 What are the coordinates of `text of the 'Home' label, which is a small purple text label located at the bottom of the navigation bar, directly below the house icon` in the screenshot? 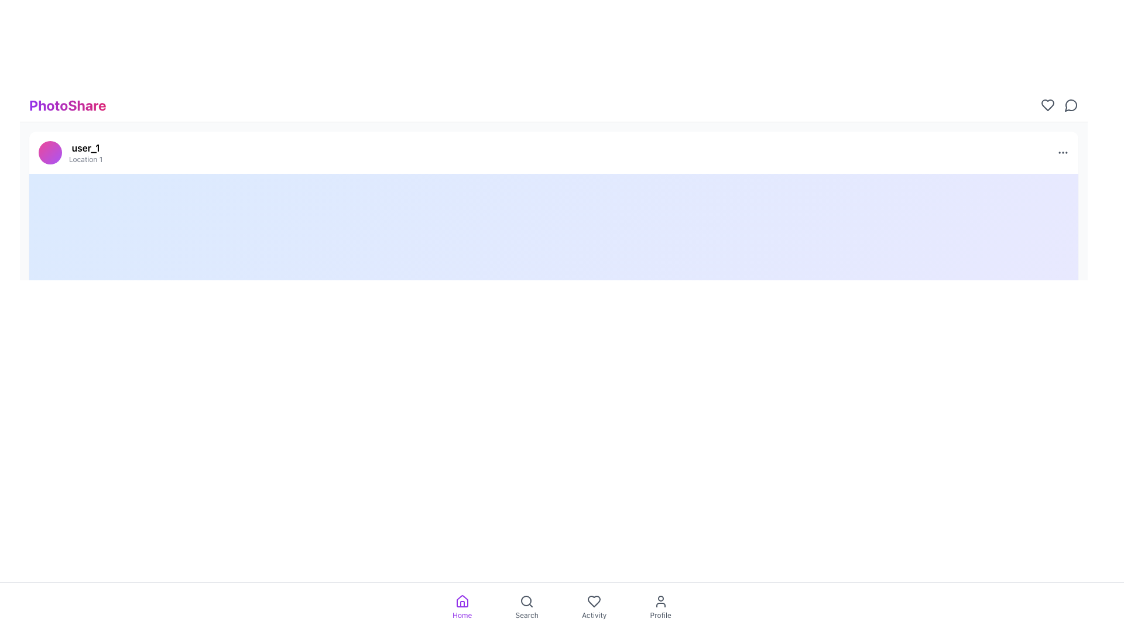 It's located at (461, 615).